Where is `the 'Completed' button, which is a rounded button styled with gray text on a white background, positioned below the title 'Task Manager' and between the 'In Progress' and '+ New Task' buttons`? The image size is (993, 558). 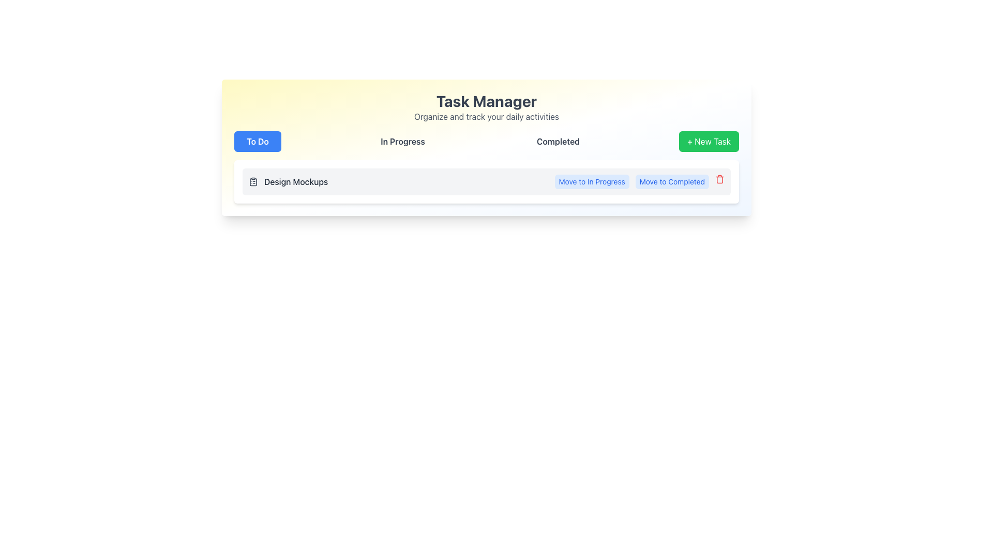
the 'Completed' button, which is a rounded button styled with gray text on a white background, positioned below the title 'Task Manager' and between the 'In Progress' and '+ New Task' buttons is located at coordinates (558, 141).